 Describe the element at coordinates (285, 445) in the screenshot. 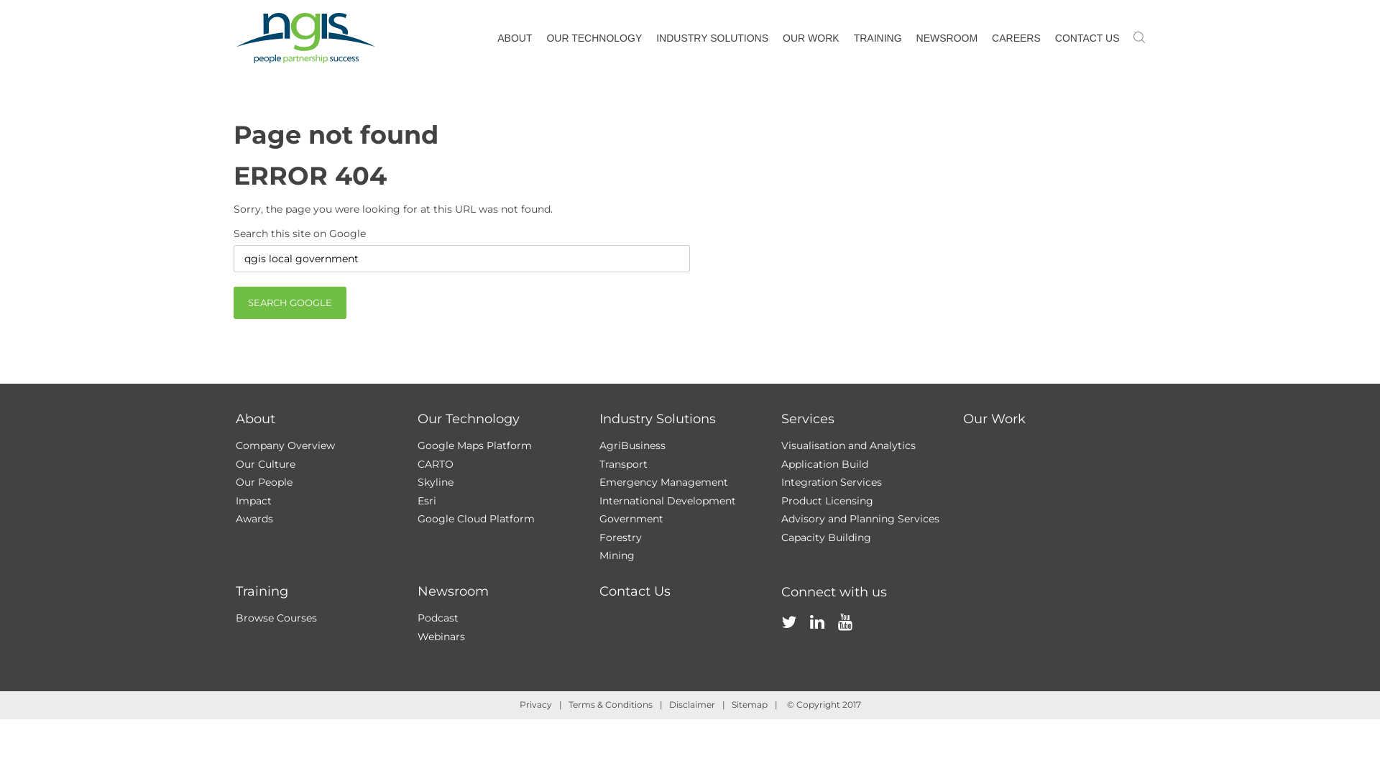

I see `'Company Overview'` at that location.